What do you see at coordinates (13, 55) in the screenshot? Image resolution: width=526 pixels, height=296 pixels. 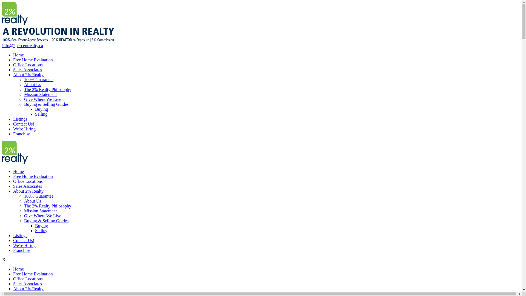 I see `'Home'` at bounding box center [13, 55].